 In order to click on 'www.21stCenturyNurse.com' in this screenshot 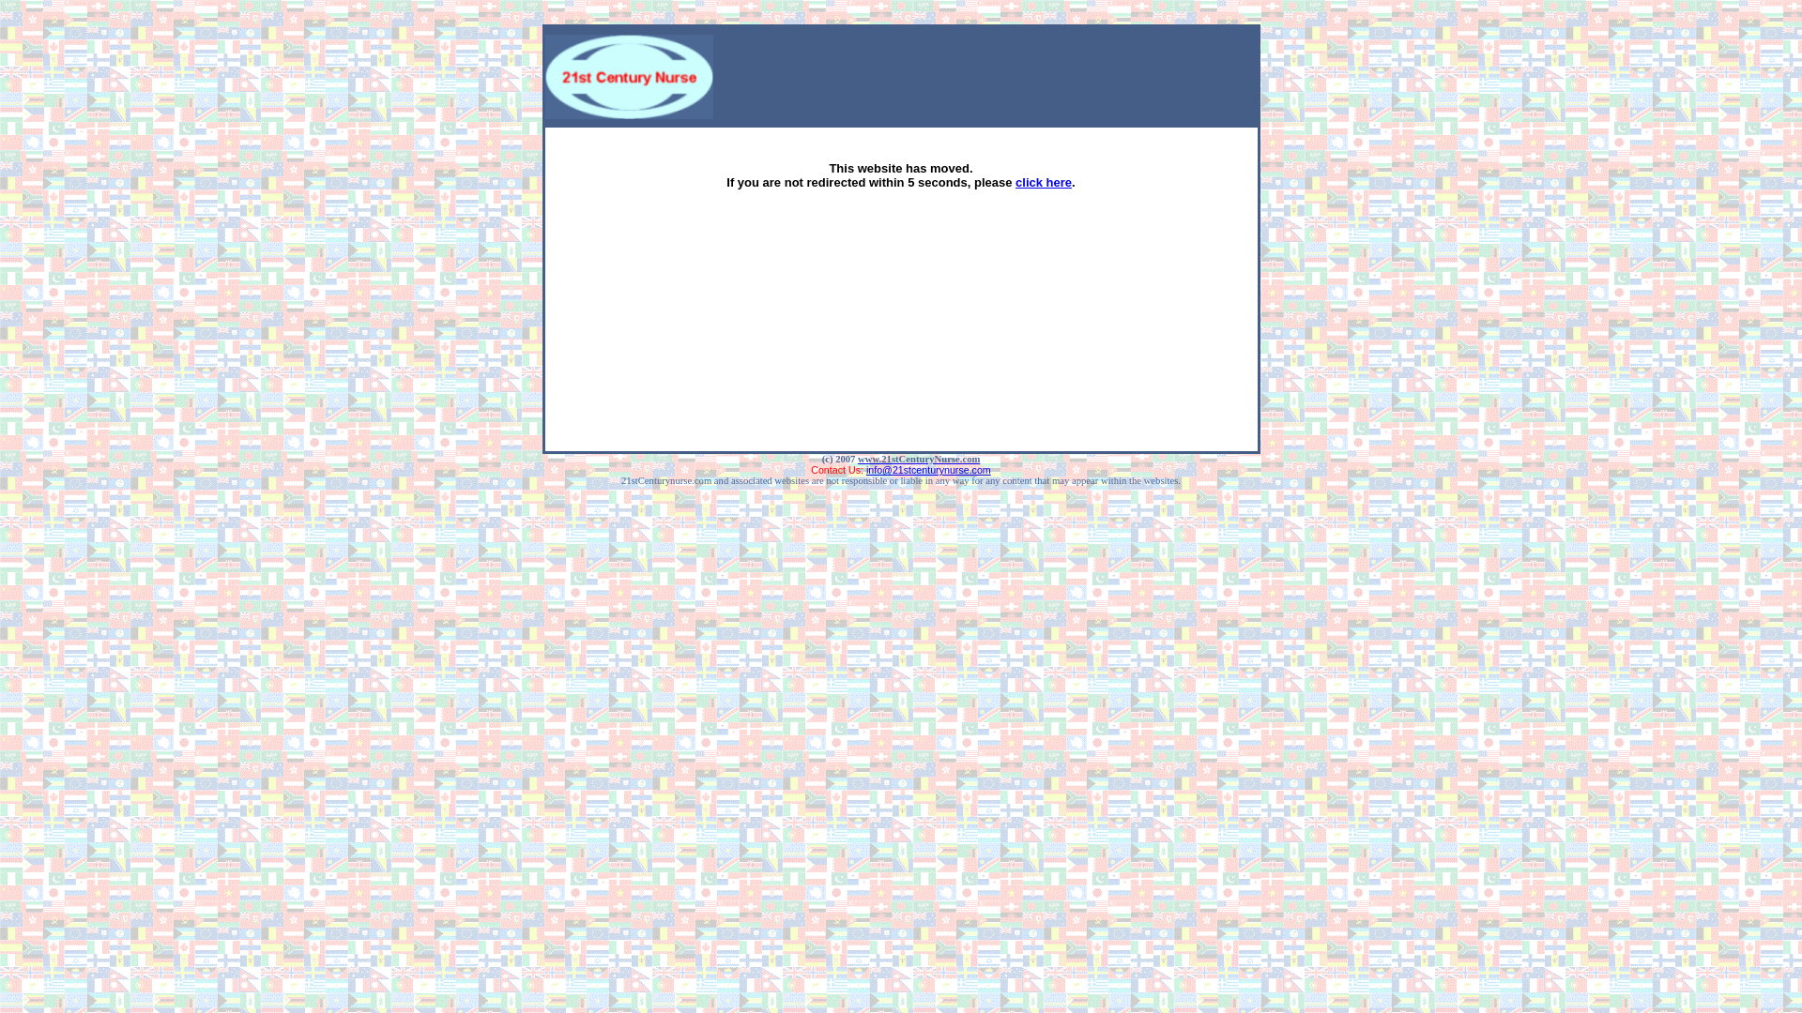, I will do `click(919, 459)`.